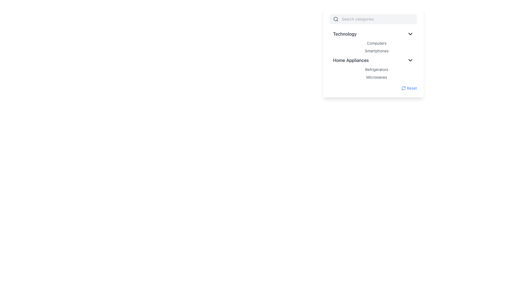  Describe the element at coordinates (376, 73) in the screenshot. I see `the 'Refrigerators' option within the 'Home Appliances' category selector` at that location.